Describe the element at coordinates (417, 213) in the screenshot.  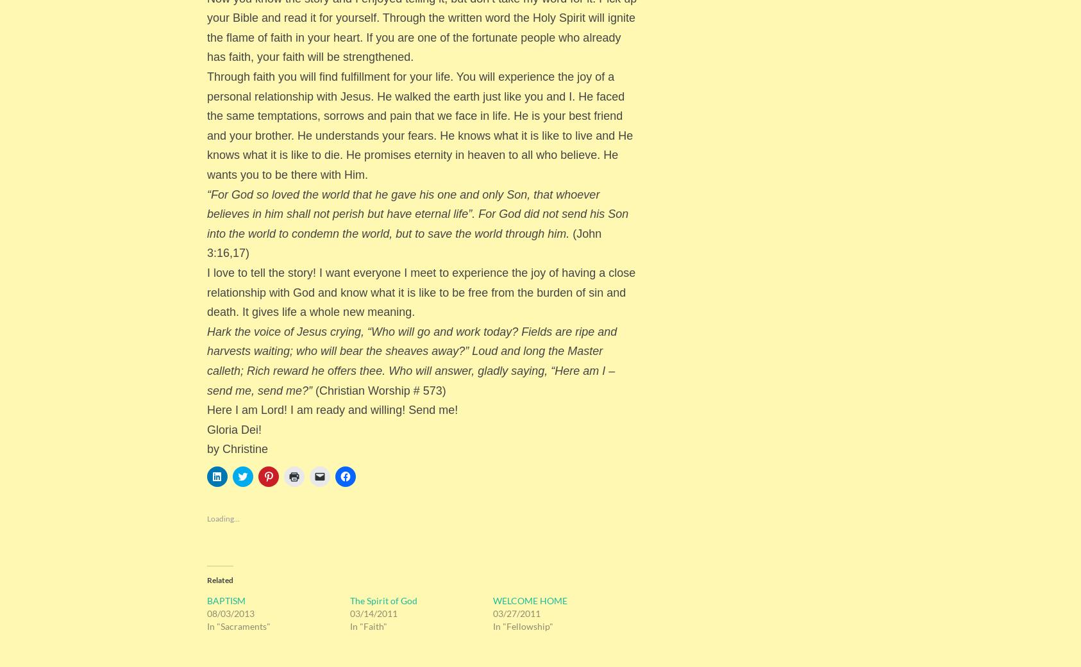
I see `'“For God so loved the world that he gave his one and only Son, that whoever believes in him shall not perish but have eternal life”. For God did not send his Son into the world to condemn the world, but to save the world through him.'` at that location.